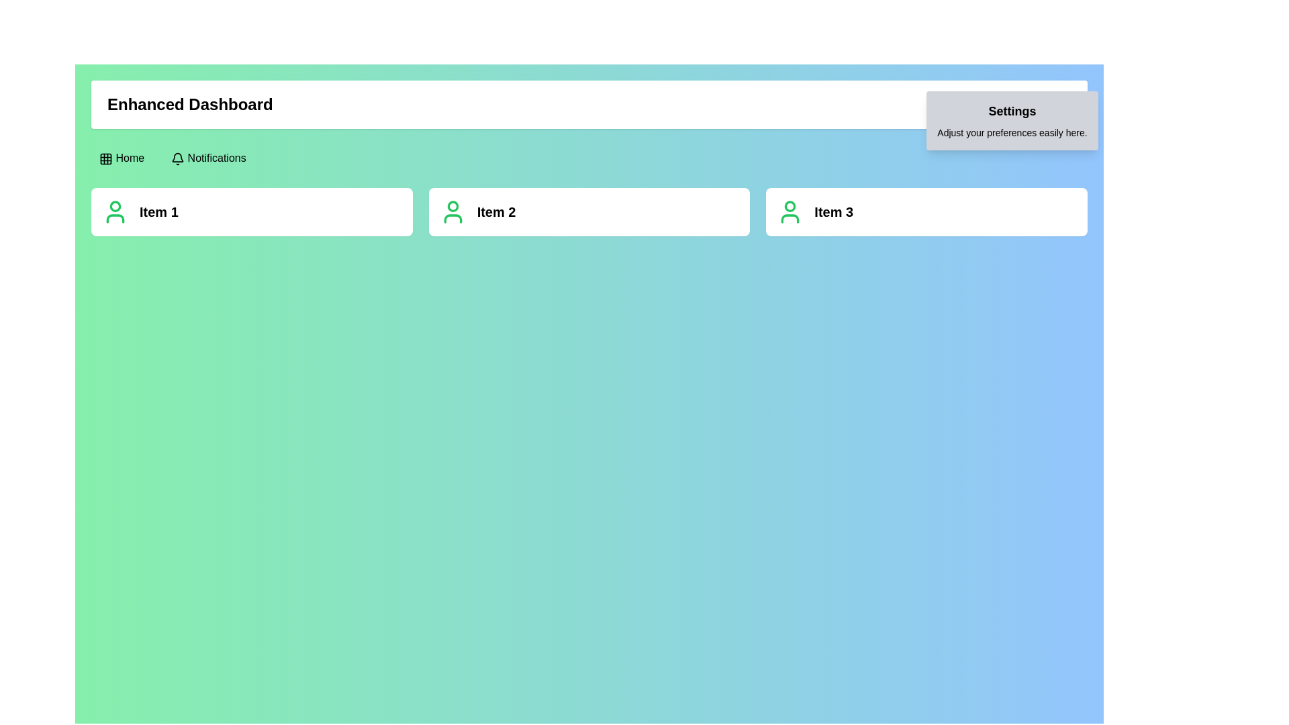  Describe the element at coordinates (207, 157) in the screenshot. I see `the 'Notifications' button located in the top-left horizontal navigation bar` at that location.